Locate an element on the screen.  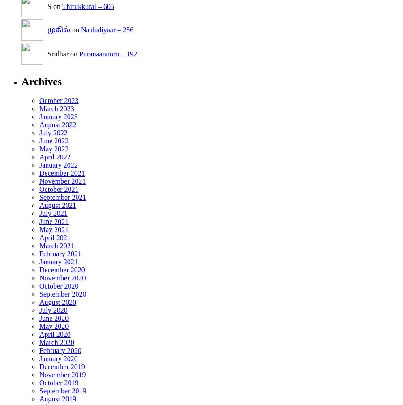
'March 2020' is located at coordinates (56, 342).